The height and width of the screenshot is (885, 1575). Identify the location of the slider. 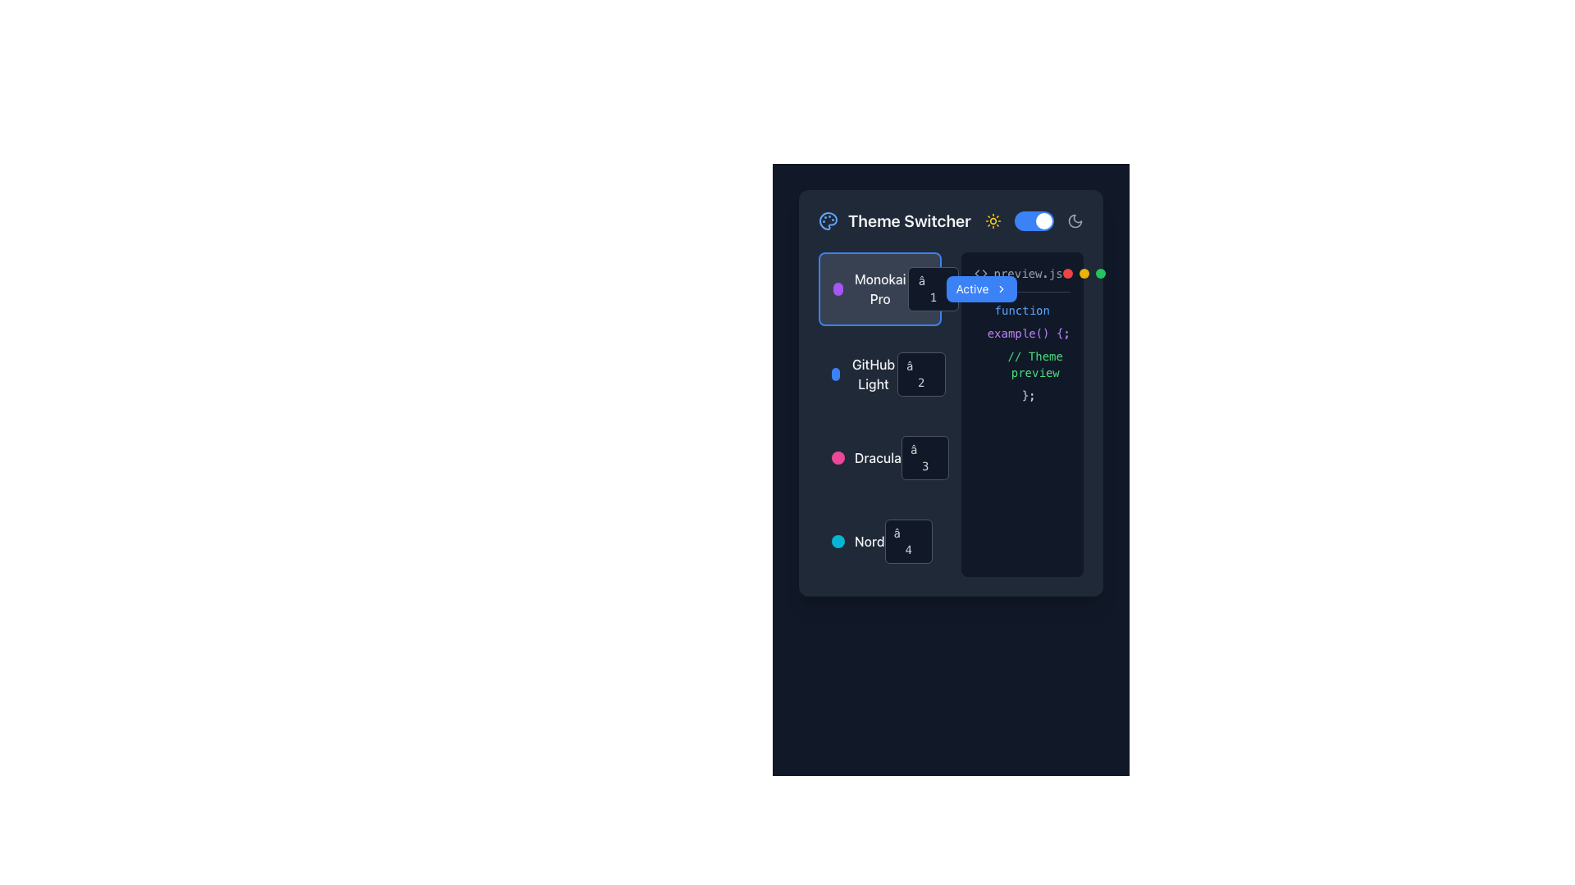
(1018, 221).